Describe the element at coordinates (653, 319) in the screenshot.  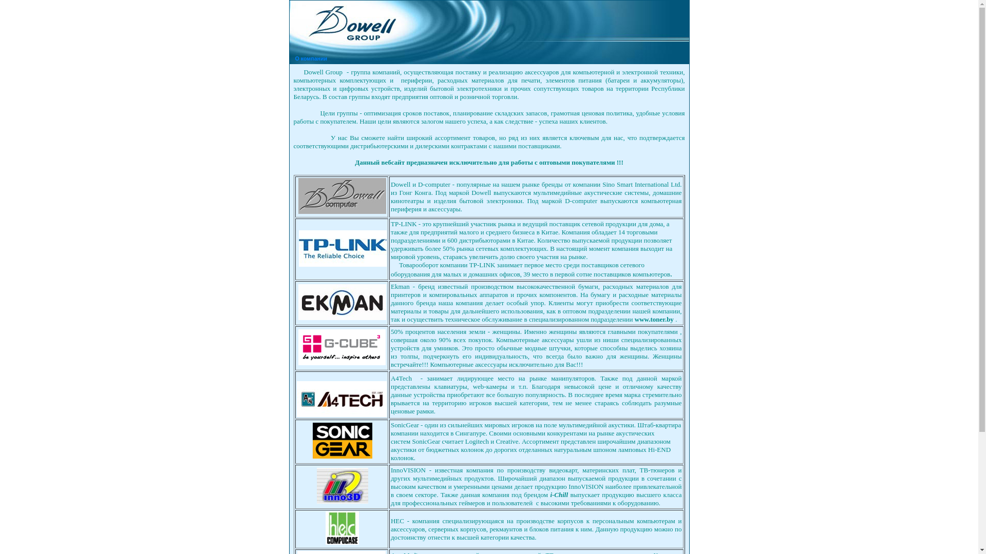
I see `'www.toner.by'` at that location.